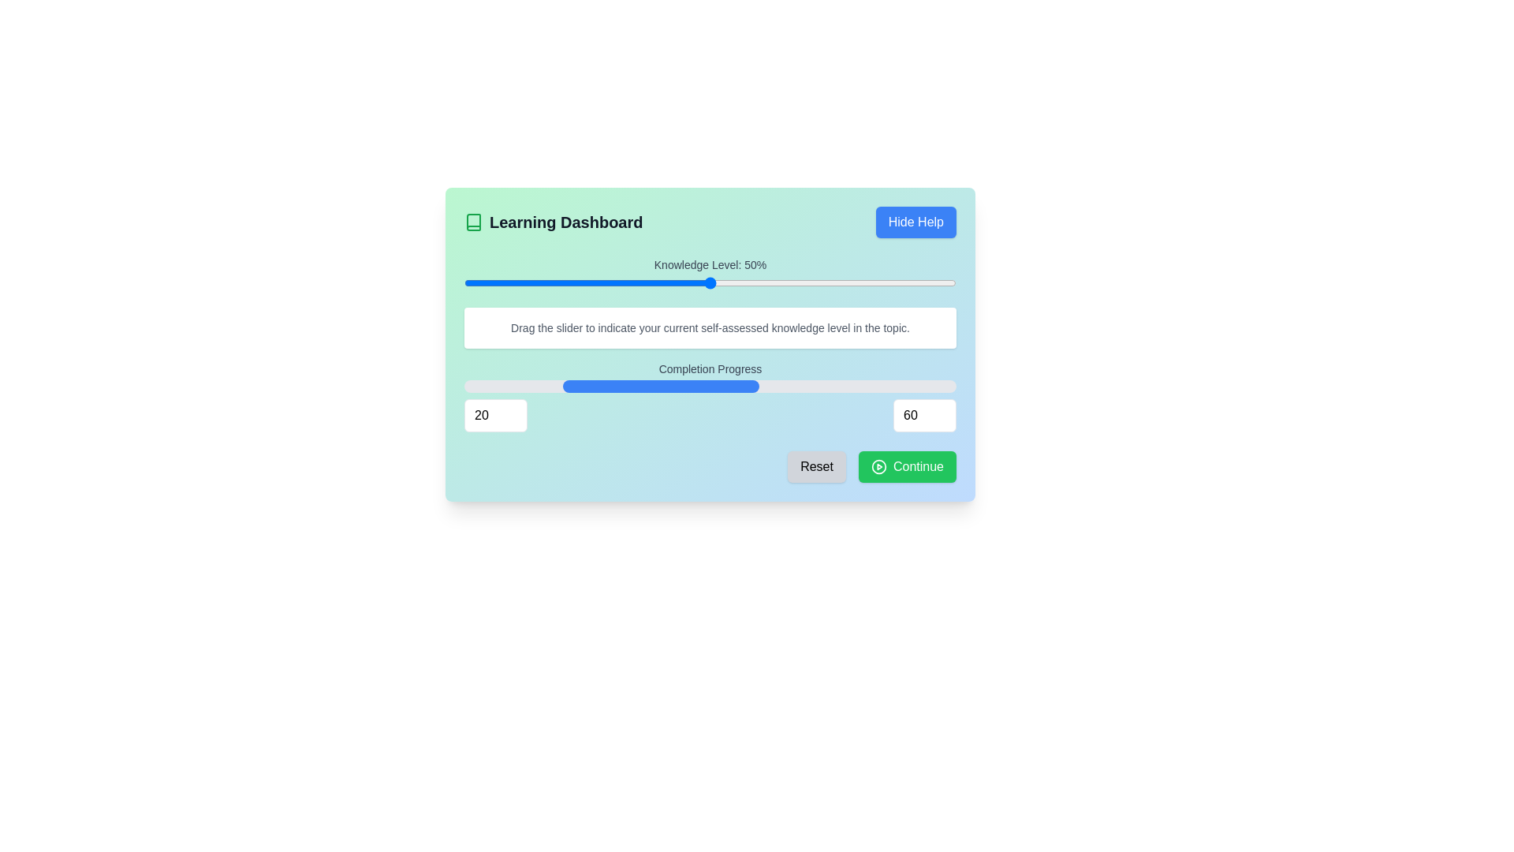 The image size is (1514, 852). I want to click on the 'Learning Dashboard' label, which features a bold text and a green book icon, positioned at the top center of the interface, so click(554, 222).